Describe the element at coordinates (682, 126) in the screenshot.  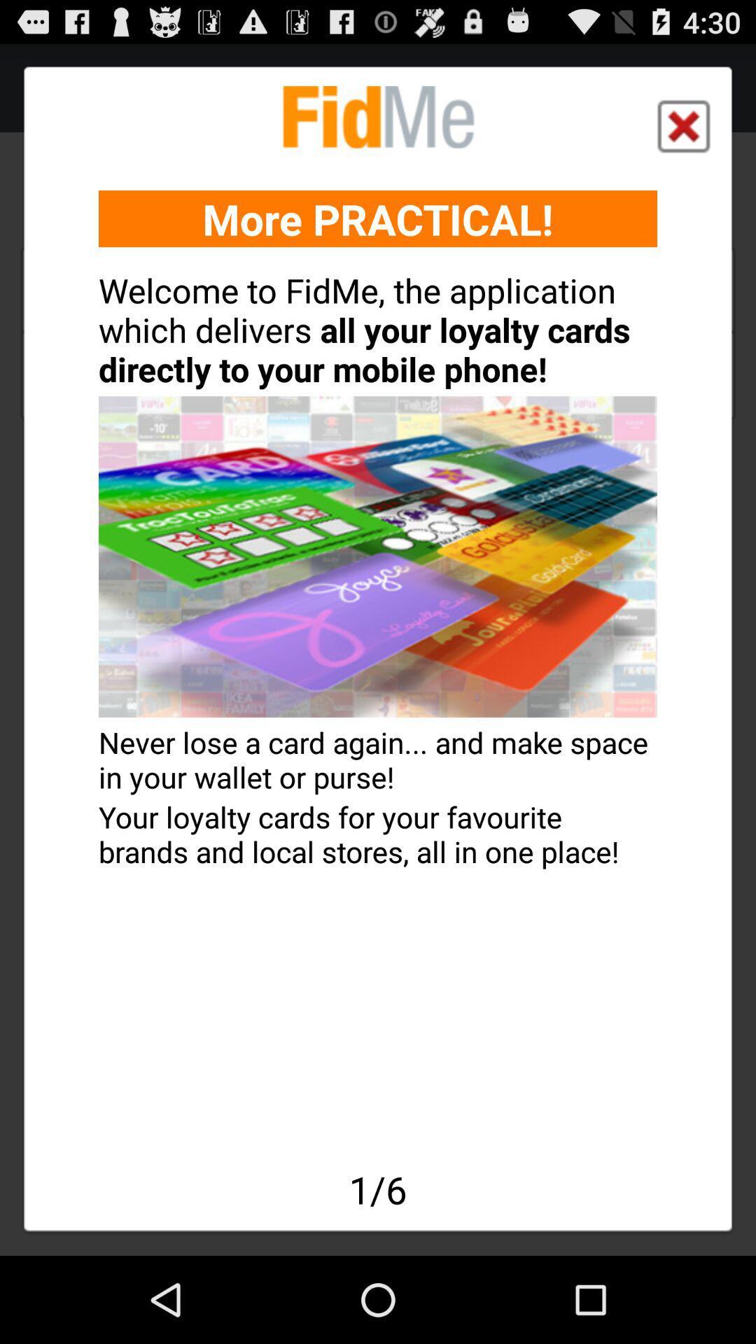
I see `item above more practical! item` at that location.